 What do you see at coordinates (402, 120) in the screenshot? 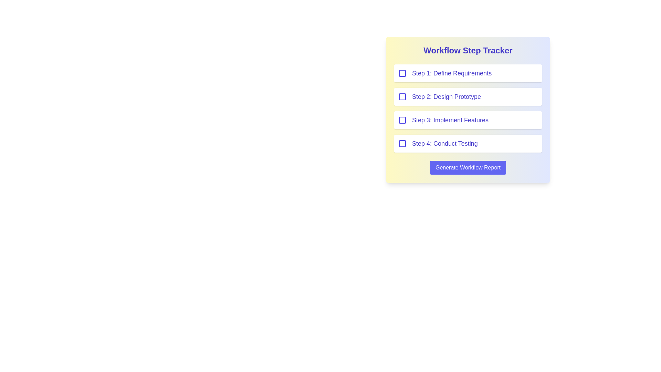
I see `the checkbox for 'Step 3: Implement Features'` at bounding box center [402, 120].